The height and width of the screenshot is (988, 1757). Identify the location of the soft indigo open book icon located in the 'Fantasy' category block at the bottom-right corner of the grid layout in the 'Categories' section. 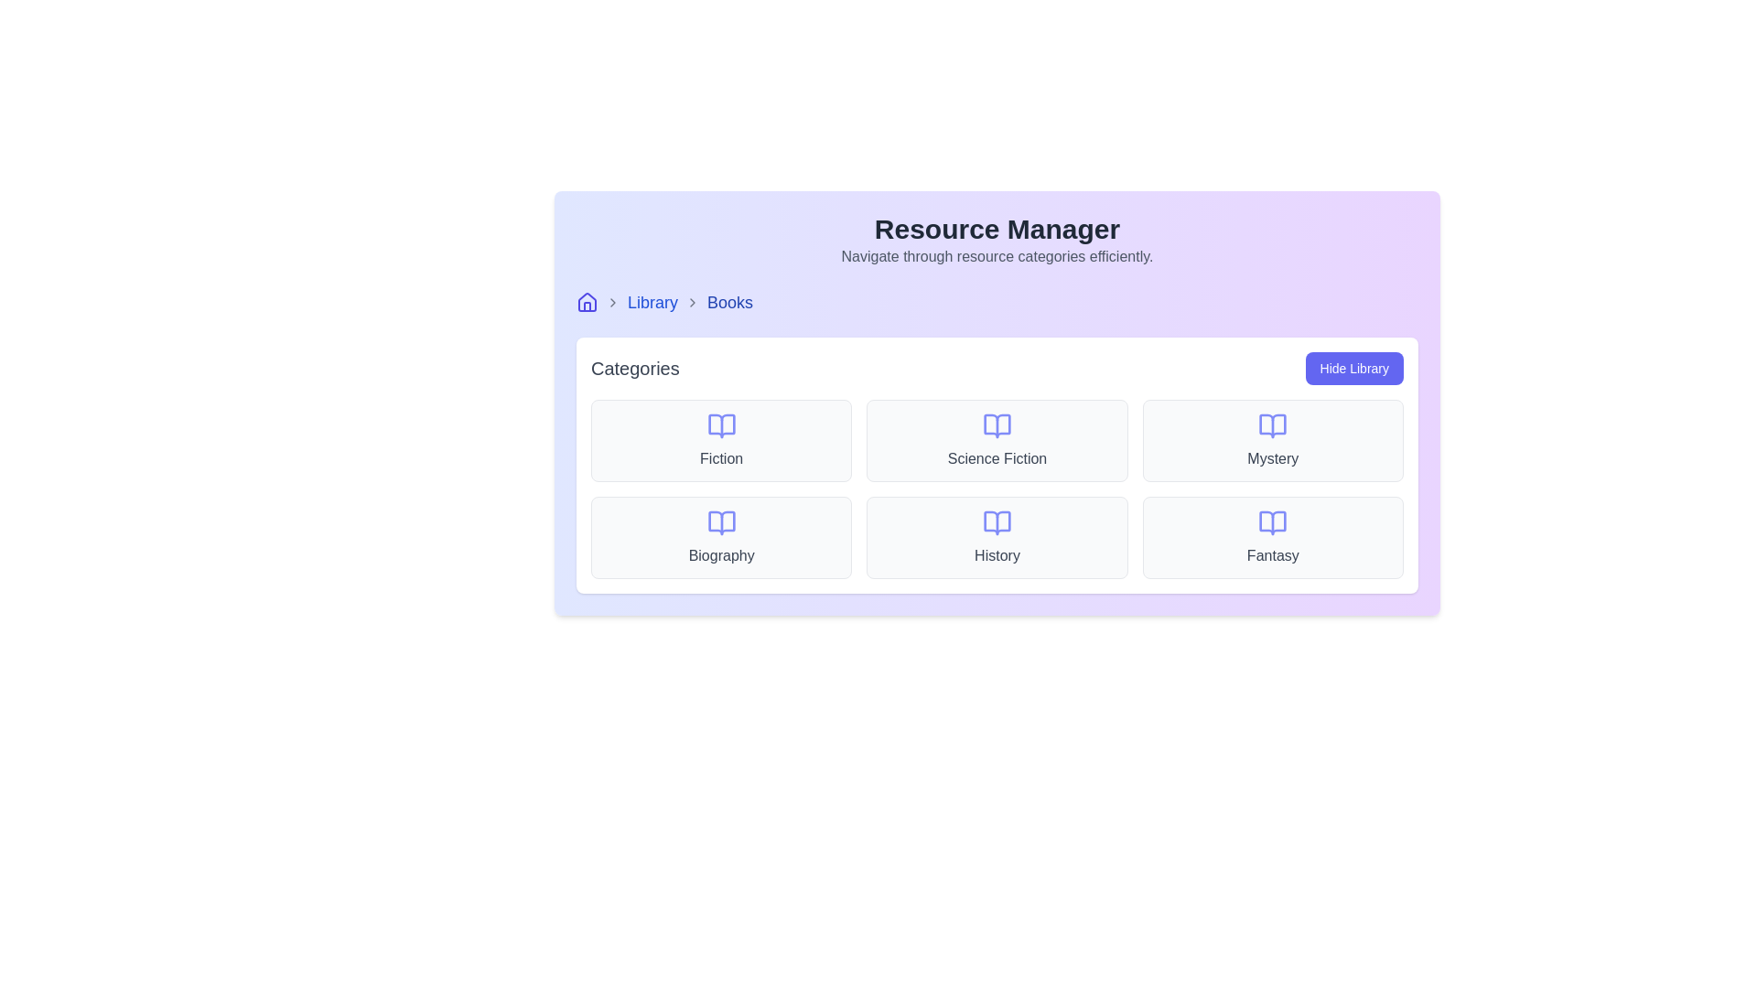
(1272, 522).